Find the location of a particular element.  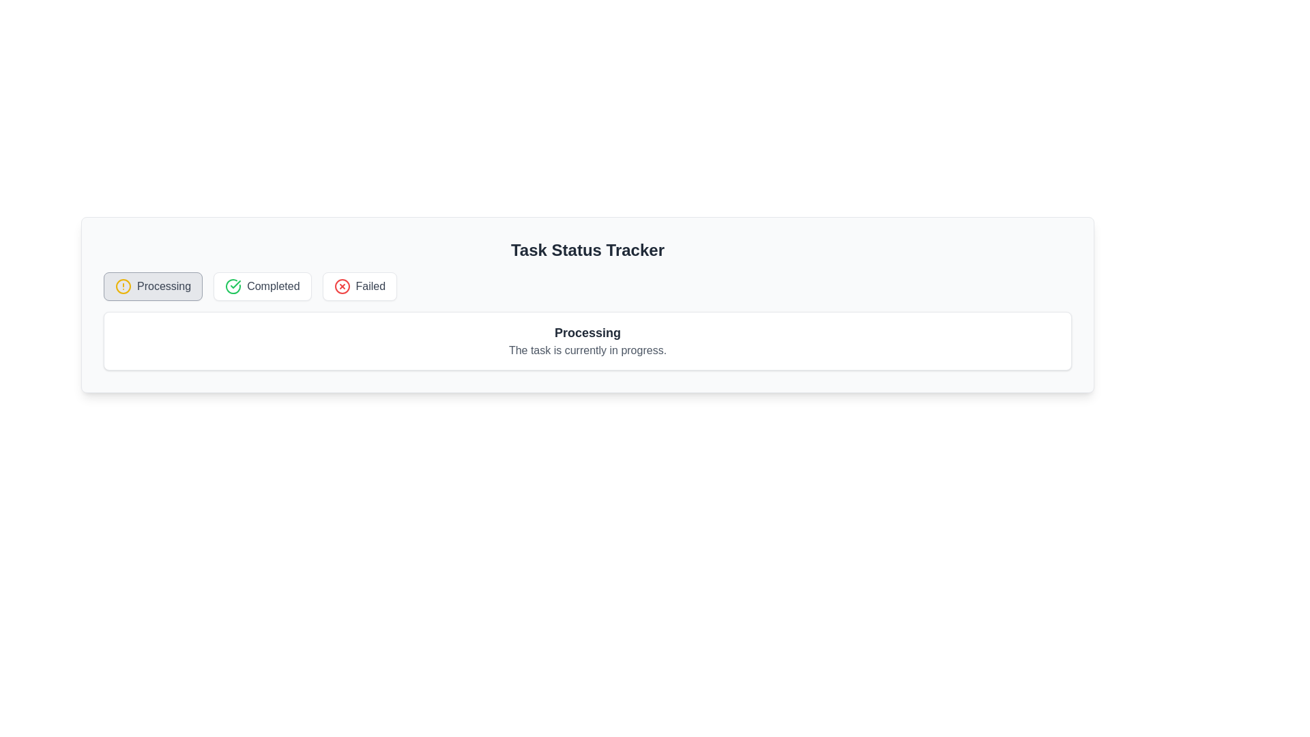

the 'Processing' button, which is the first among a set of status buttons with a light gray background and a yellow warning circle icon is located at coordinates (153, 286).